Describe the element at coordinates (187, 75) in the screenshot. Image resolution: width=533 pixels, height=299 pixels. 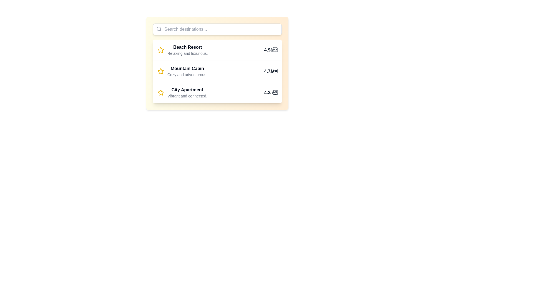
I see `text label that says 'Cozy and adventurous.' which is positioned beneath the bold title 'Mountain Cabin' in a list interface` at that location.